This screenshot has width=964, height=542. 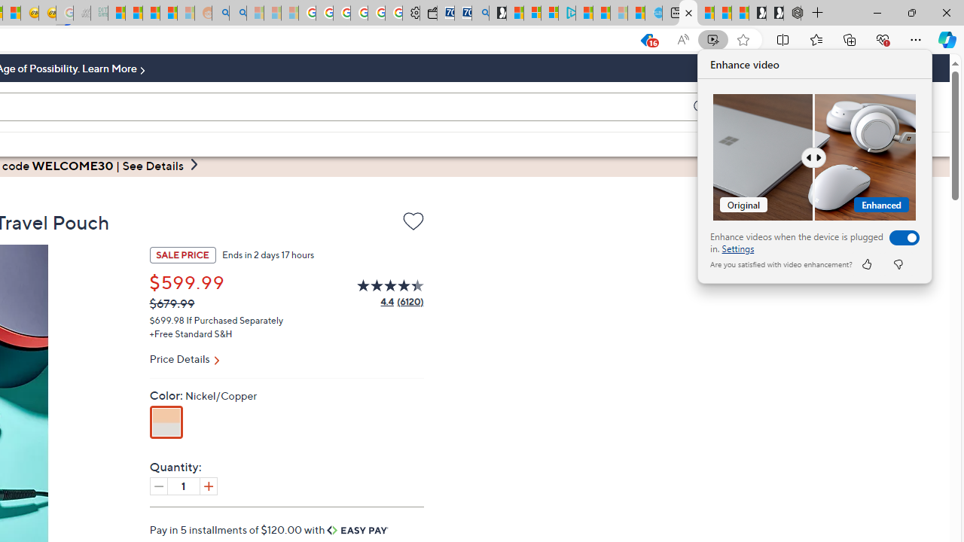 I want to click on 'Increase quantity by 1', so click(x=207, y=486).